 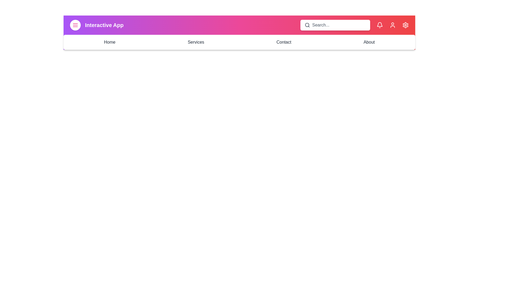 I want to click on the menu button to toggle the menu visibility, so click(x=75, y=25).